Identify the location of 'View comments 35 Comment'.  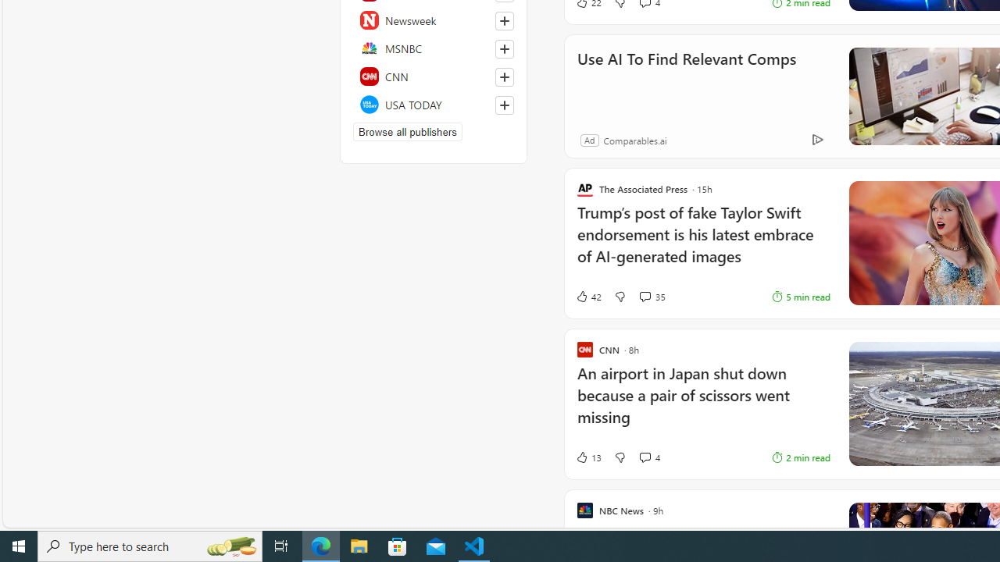
(645, 297).